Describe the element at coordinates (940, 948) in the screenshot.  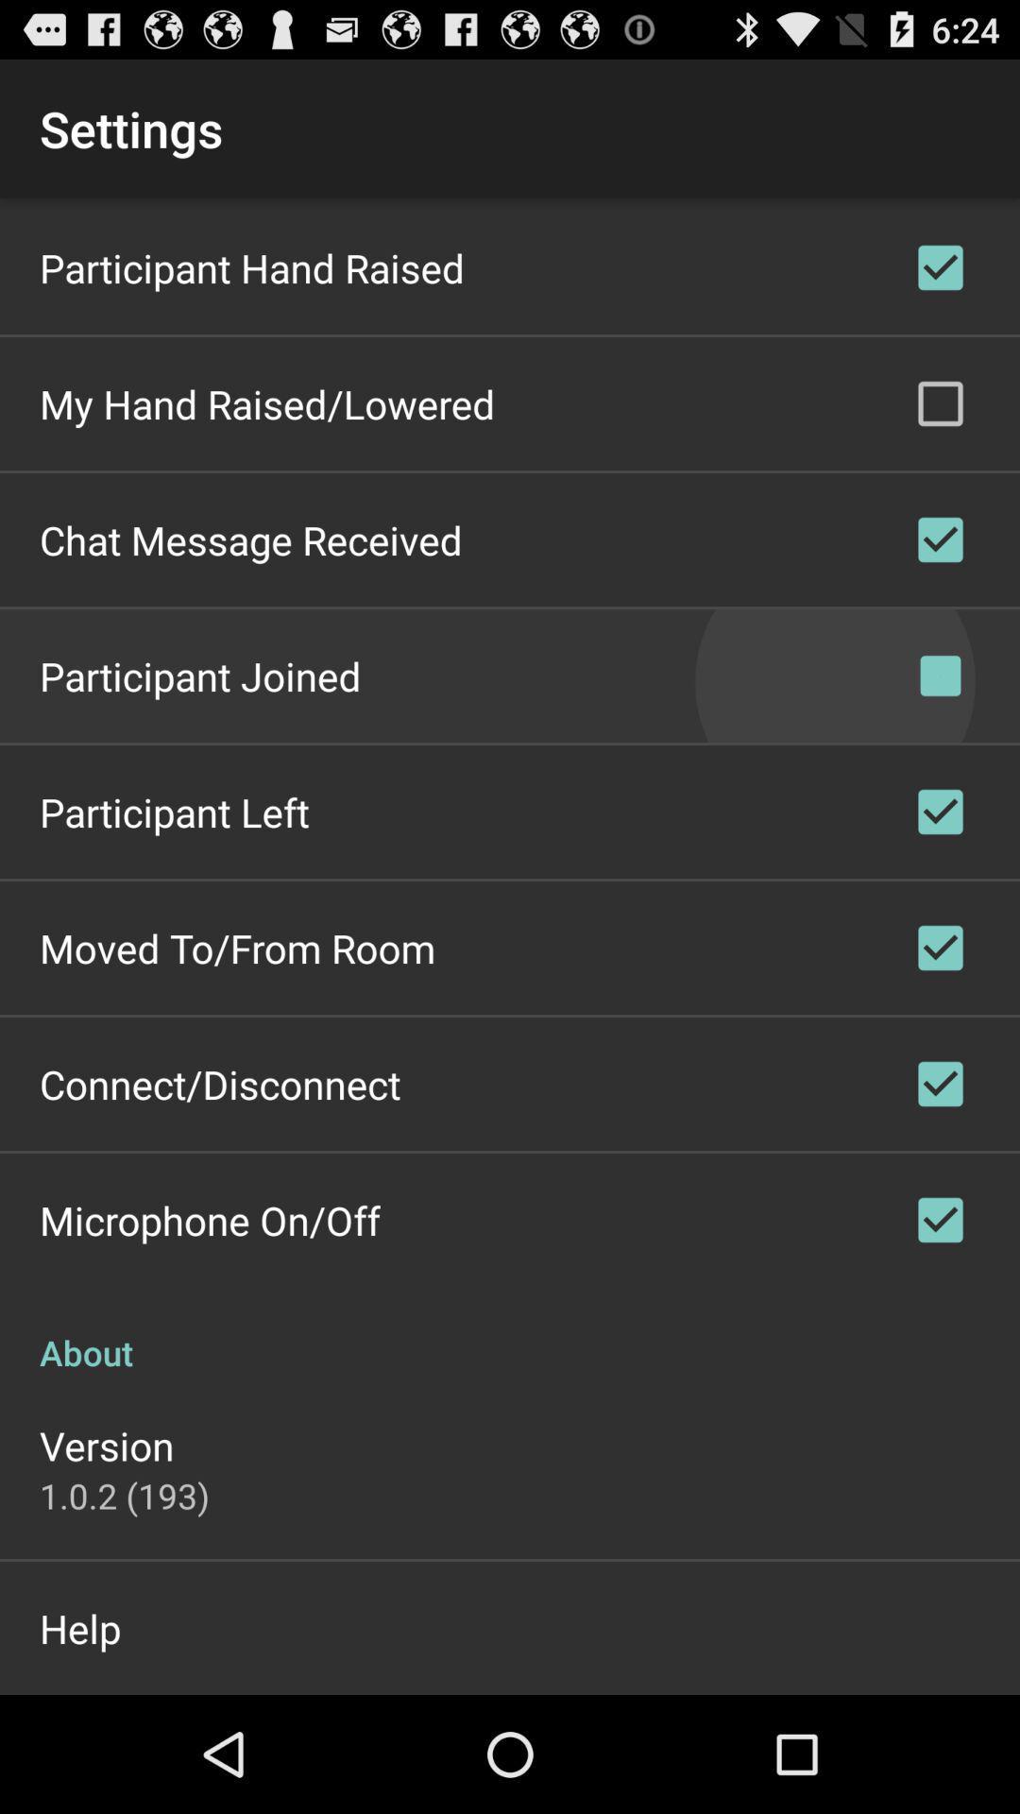
I see `the check box which is to the right of moved tofrom room` at that location.